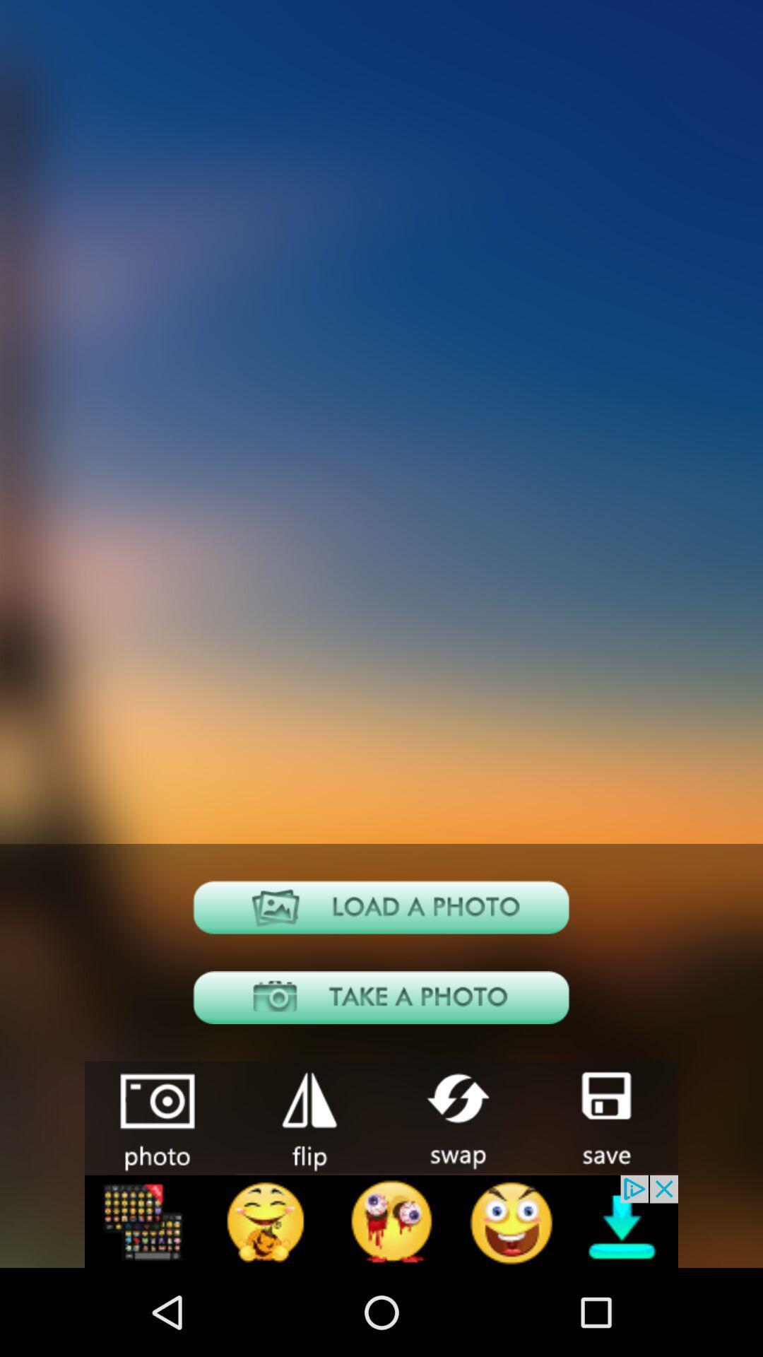 The width and height of the screenshot is (763, 1357). I want to click on the save icon, so click(604, 1195).